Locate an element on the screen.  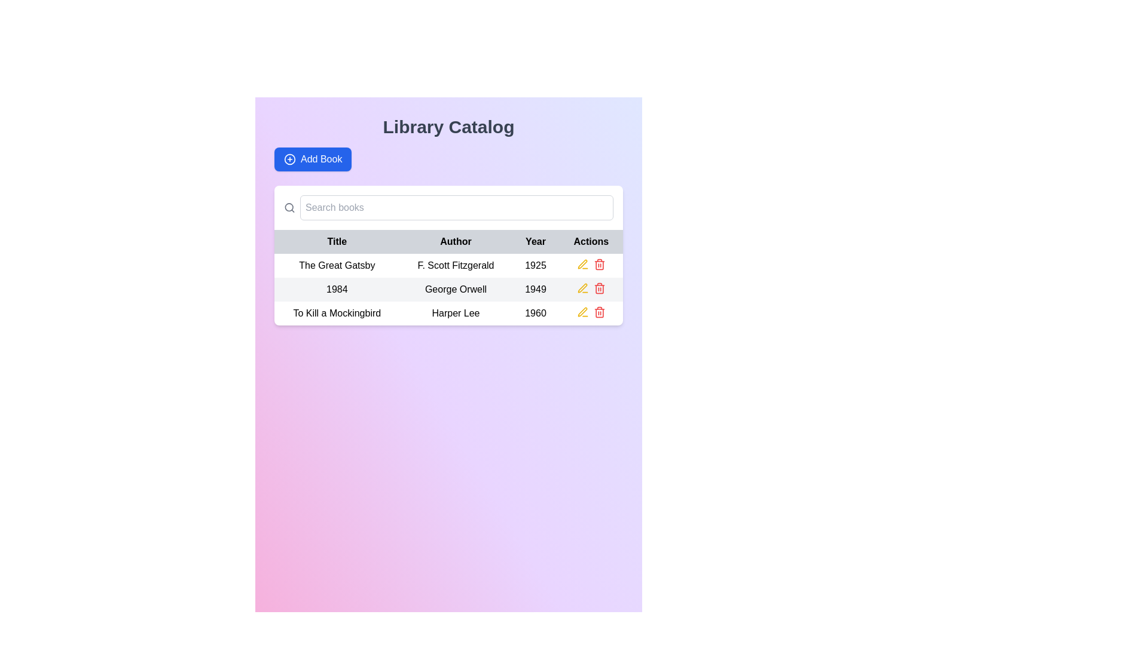
the Table Header Cell containing the text 'Author', which is centrally located in the header row of the table, between 'Title' and 'Year' is located at coordinates (448, 242).